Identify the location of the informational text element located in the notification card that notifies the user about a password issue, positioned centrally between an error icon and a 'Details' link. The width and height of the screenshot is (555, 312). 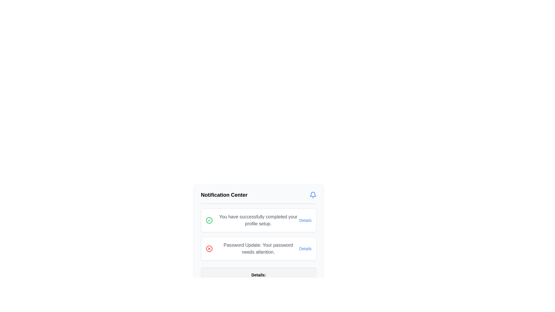
(258, 248).